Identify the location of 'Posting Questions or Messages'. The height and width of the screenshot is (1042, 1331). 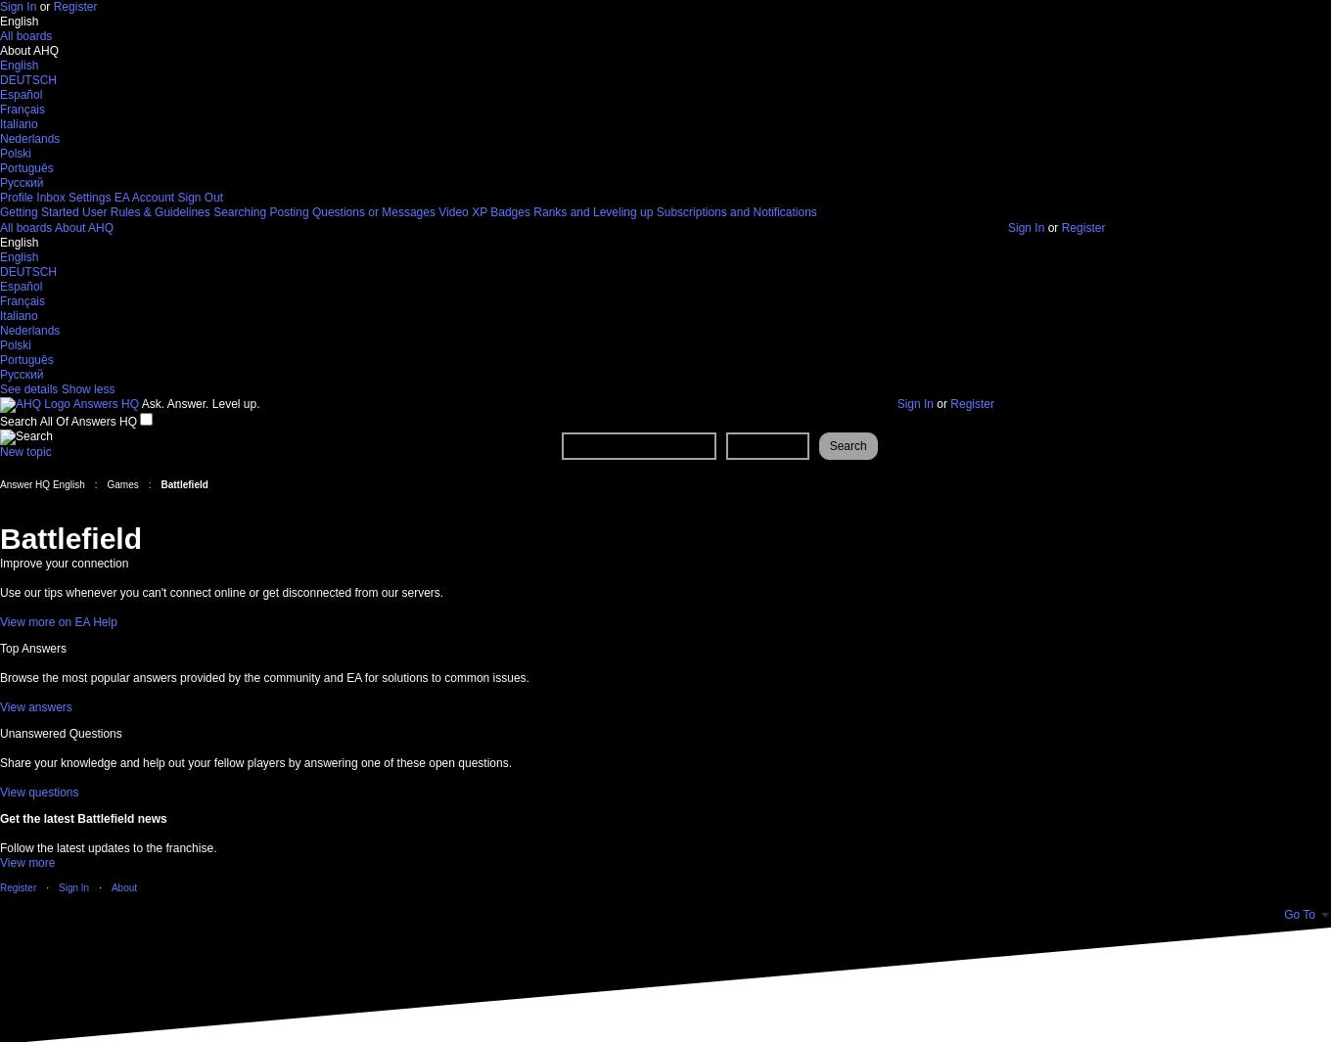
(351, 211).